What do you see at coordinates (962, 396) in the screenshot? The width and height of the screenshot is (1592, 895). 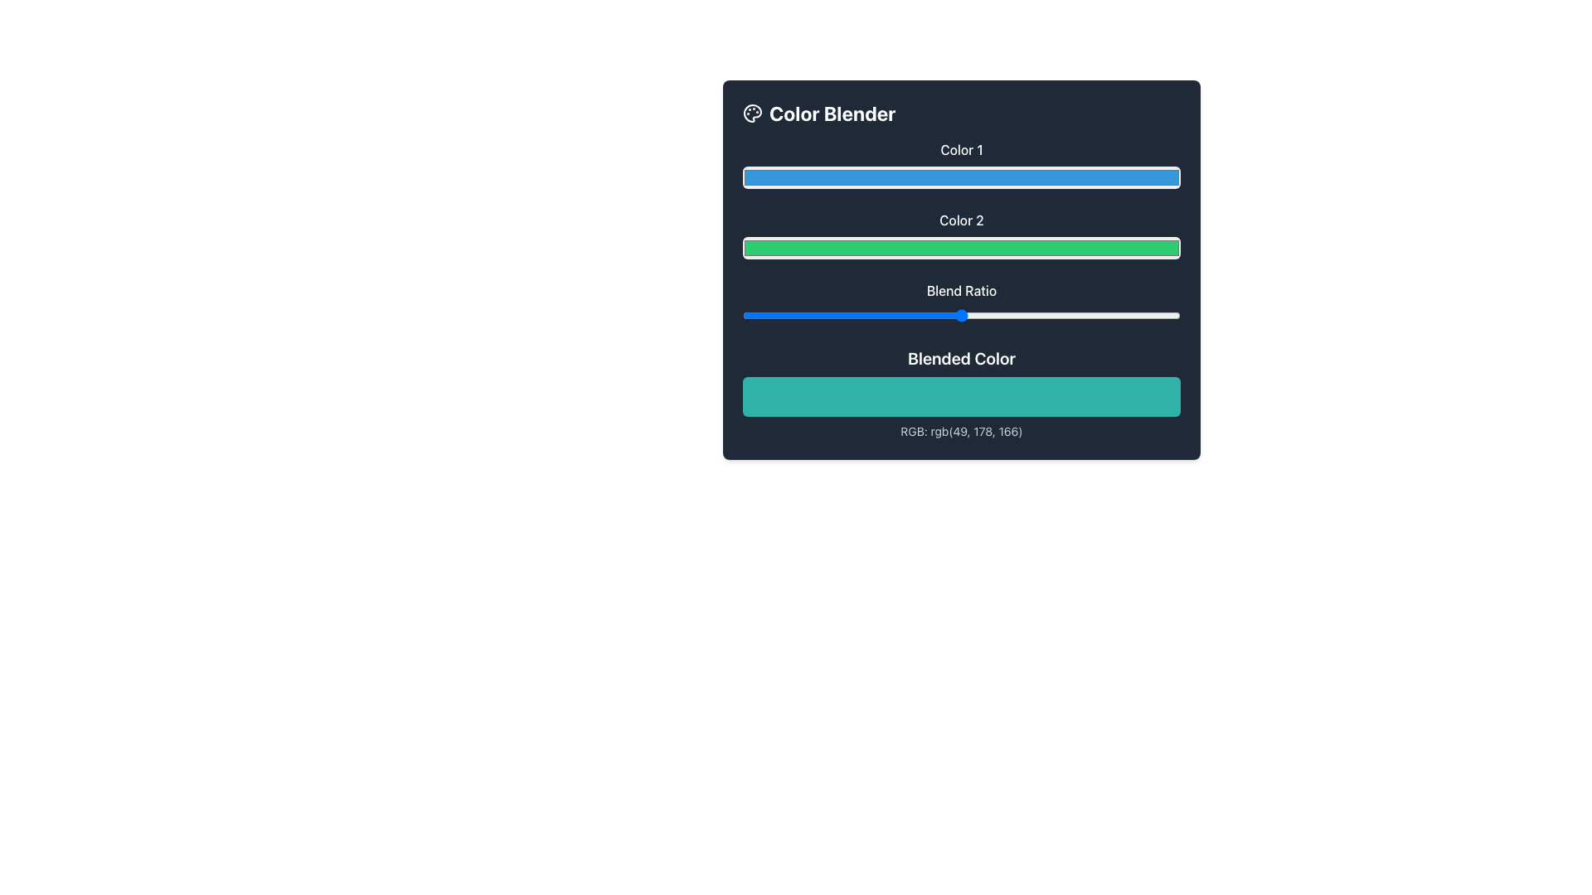 I see `the teal rectangular visual display panel located at the bottom of the 'Blended Color' section, which is visually distinct due to its color and size` at bounding box center [962, 396].